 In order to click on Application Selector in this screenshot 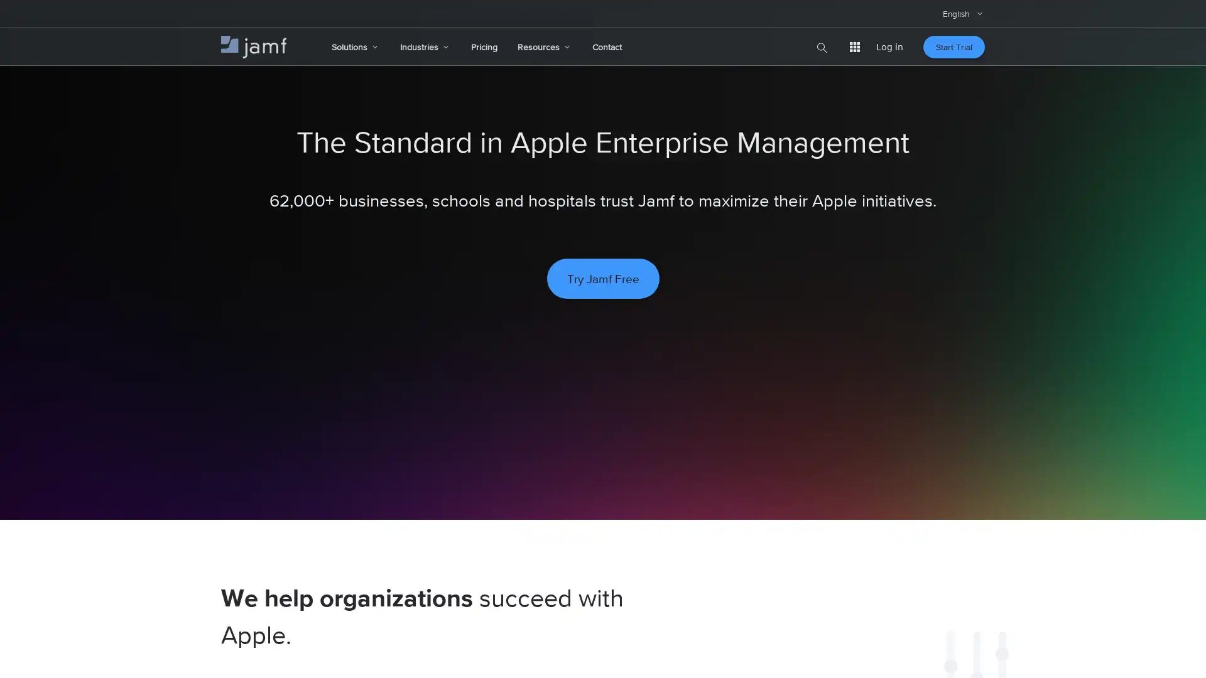, I will do `click(854, 46)`.